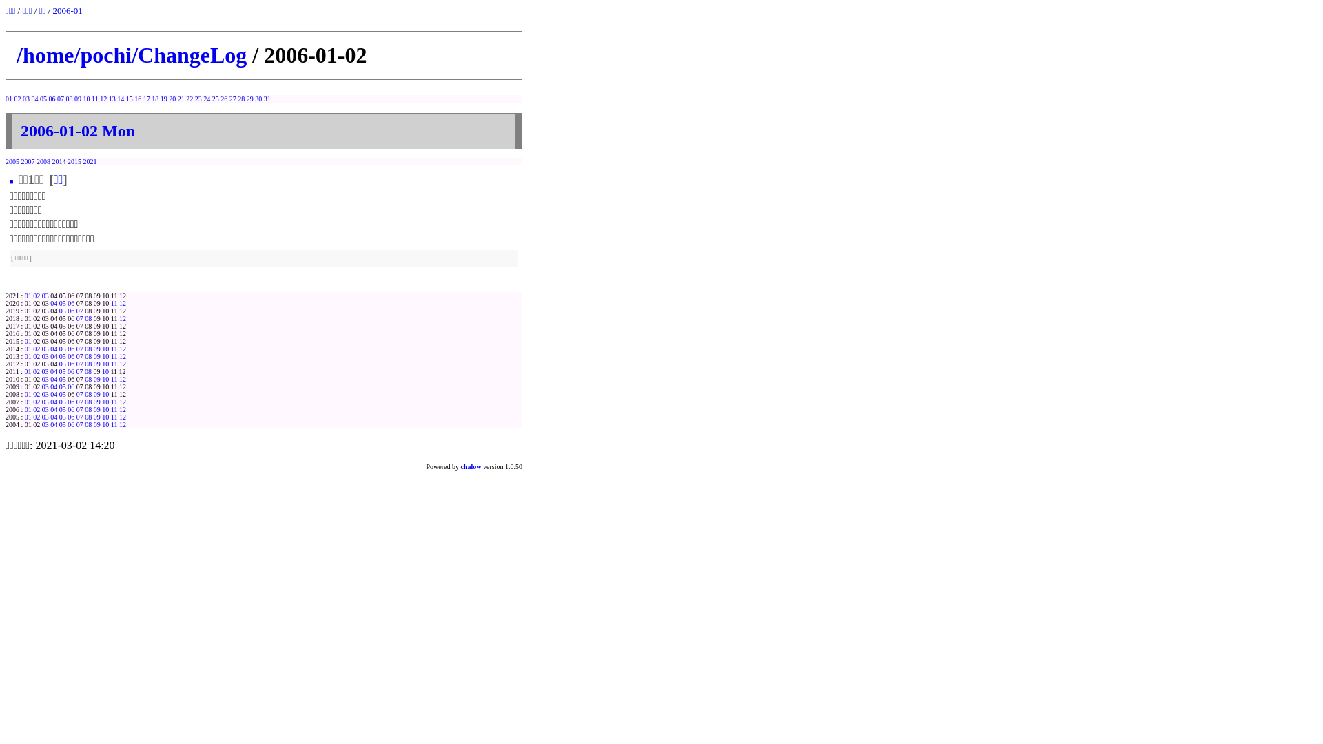  I want to click on '07', so click(79, 348).